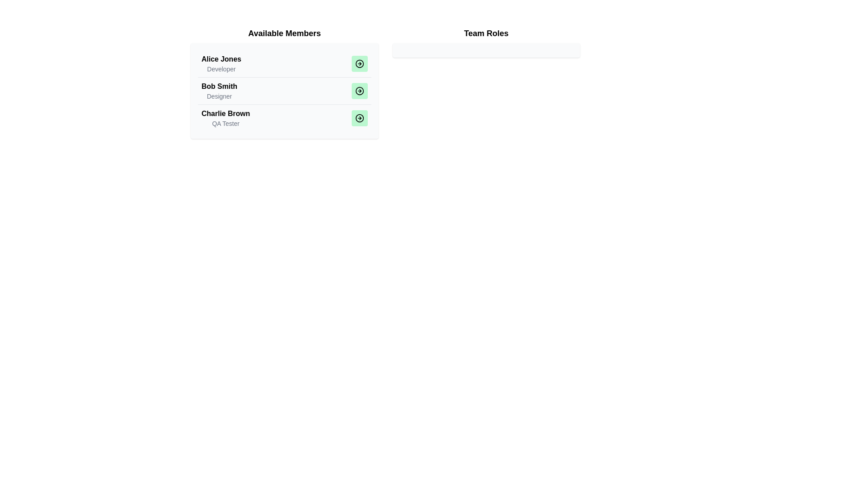 This screenshot has height=482, width=858. I want to click on the red button next to a member in the 'Team Roles' section to transfer them back to 'Available Members', so click(359, 63).